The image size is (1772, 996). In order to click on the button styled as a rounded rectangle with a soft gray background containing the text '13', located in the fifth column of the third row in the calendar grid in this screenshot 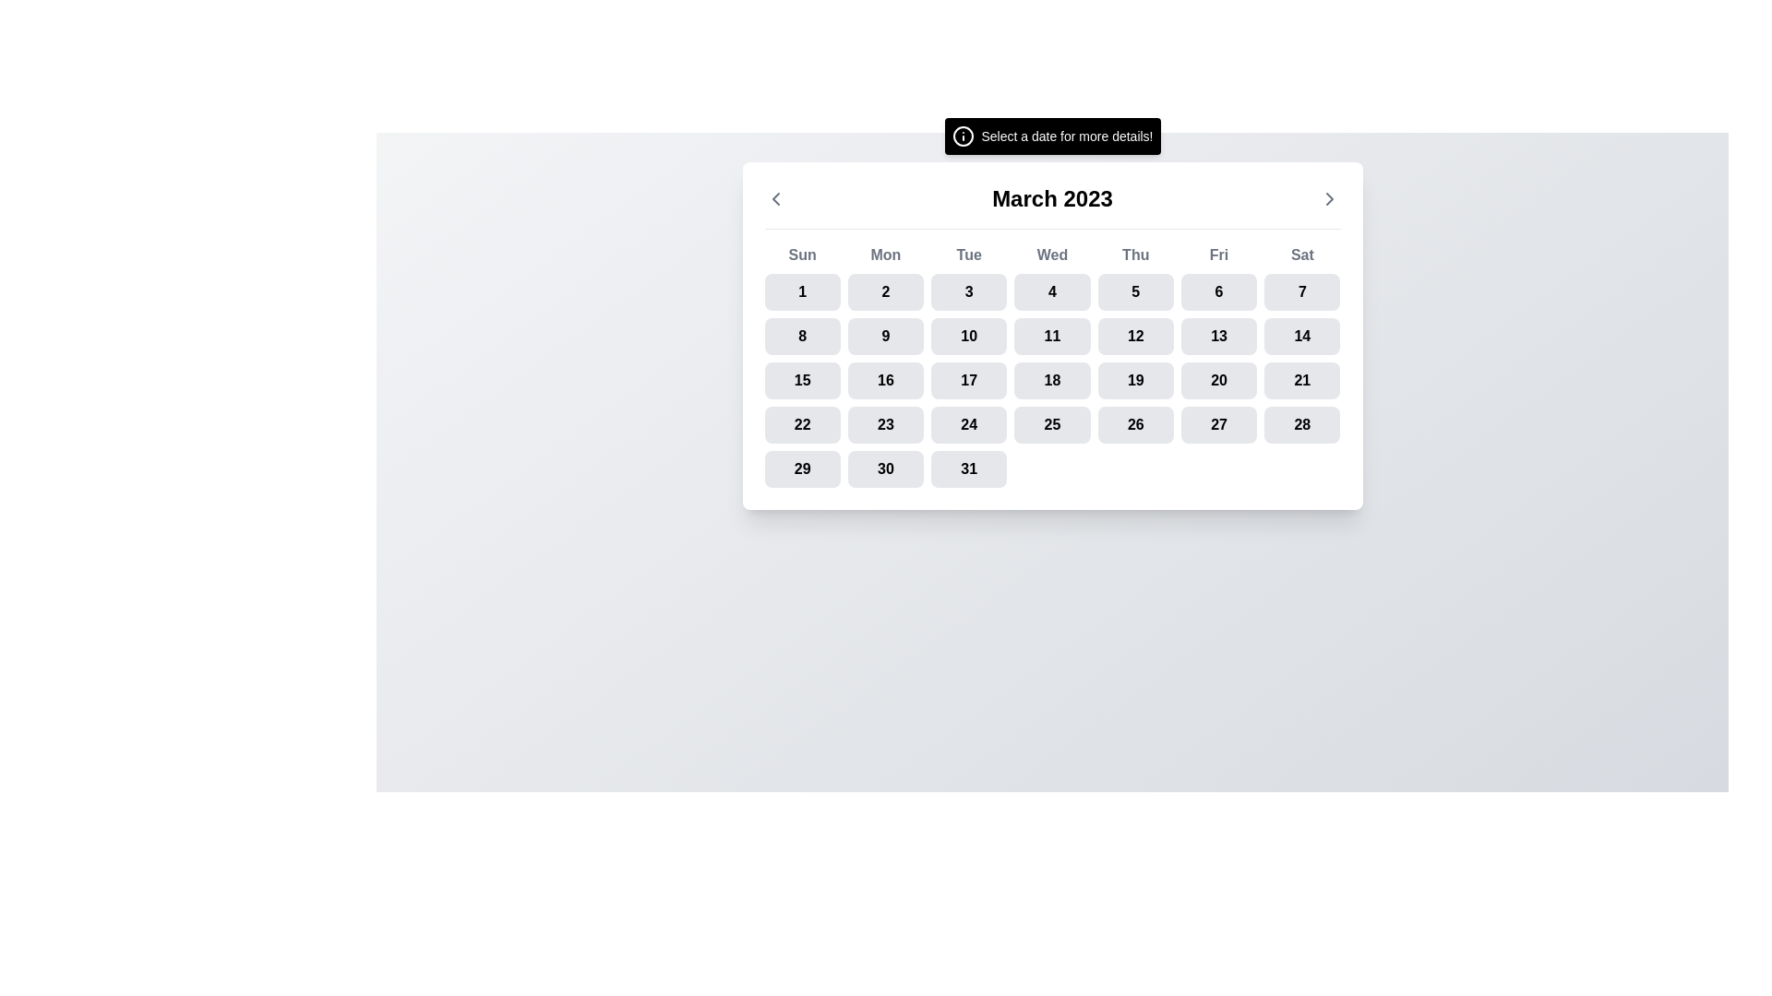, I will do `click(1219, 337)`.